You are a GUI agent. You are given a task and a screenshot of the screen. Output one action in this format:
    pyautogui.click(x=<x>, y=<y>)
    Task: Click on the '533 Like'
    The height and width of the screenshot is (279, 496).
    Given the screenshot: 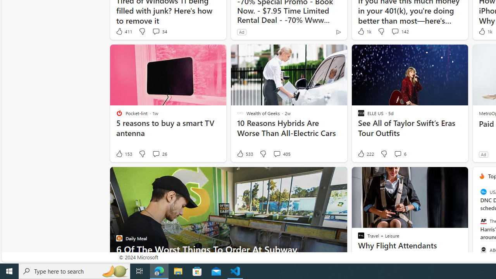 What is the action you would take?
    pyautogui.click(x=244, y=154)
    